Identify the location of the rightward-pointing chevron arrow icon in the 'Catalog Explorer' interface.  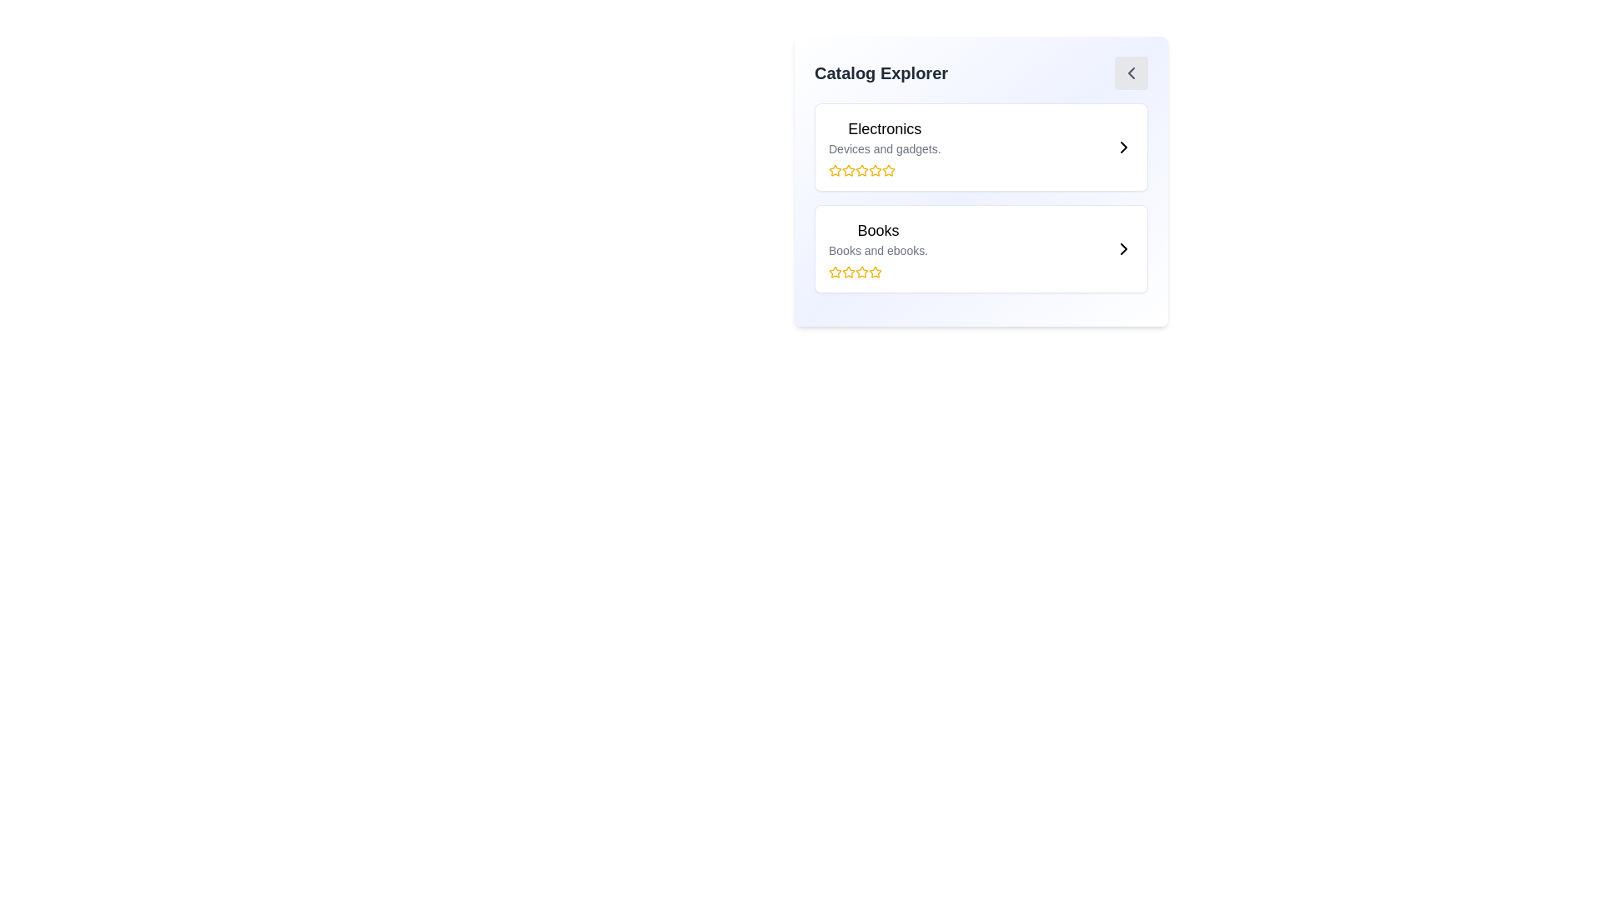
(1124, 249).